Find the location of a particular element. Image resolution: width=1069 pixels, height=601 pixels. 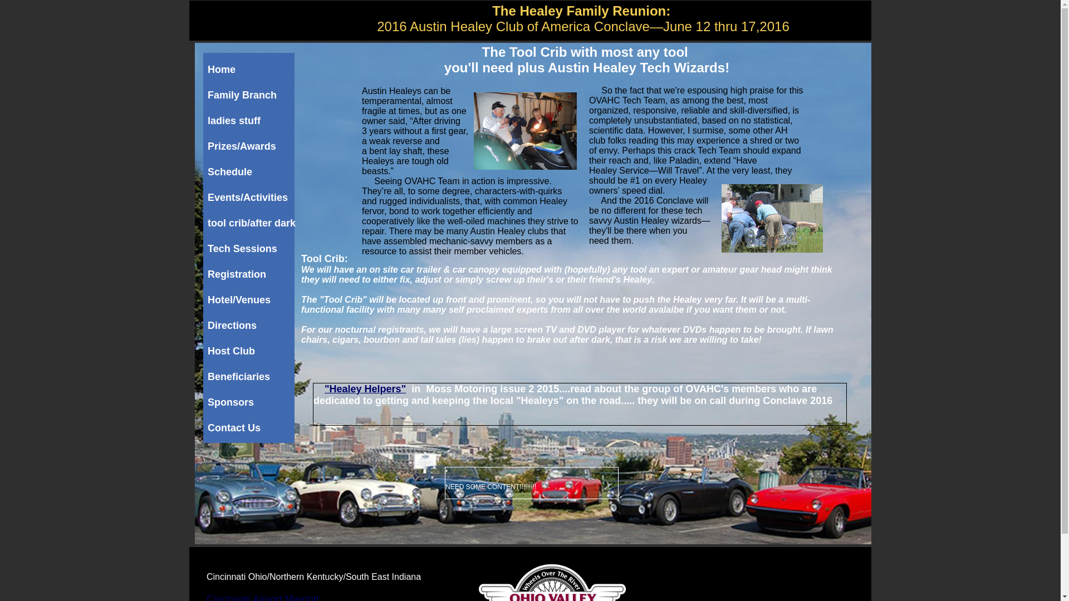

'tool crib/after dark' is located at coordinates (251, 223).